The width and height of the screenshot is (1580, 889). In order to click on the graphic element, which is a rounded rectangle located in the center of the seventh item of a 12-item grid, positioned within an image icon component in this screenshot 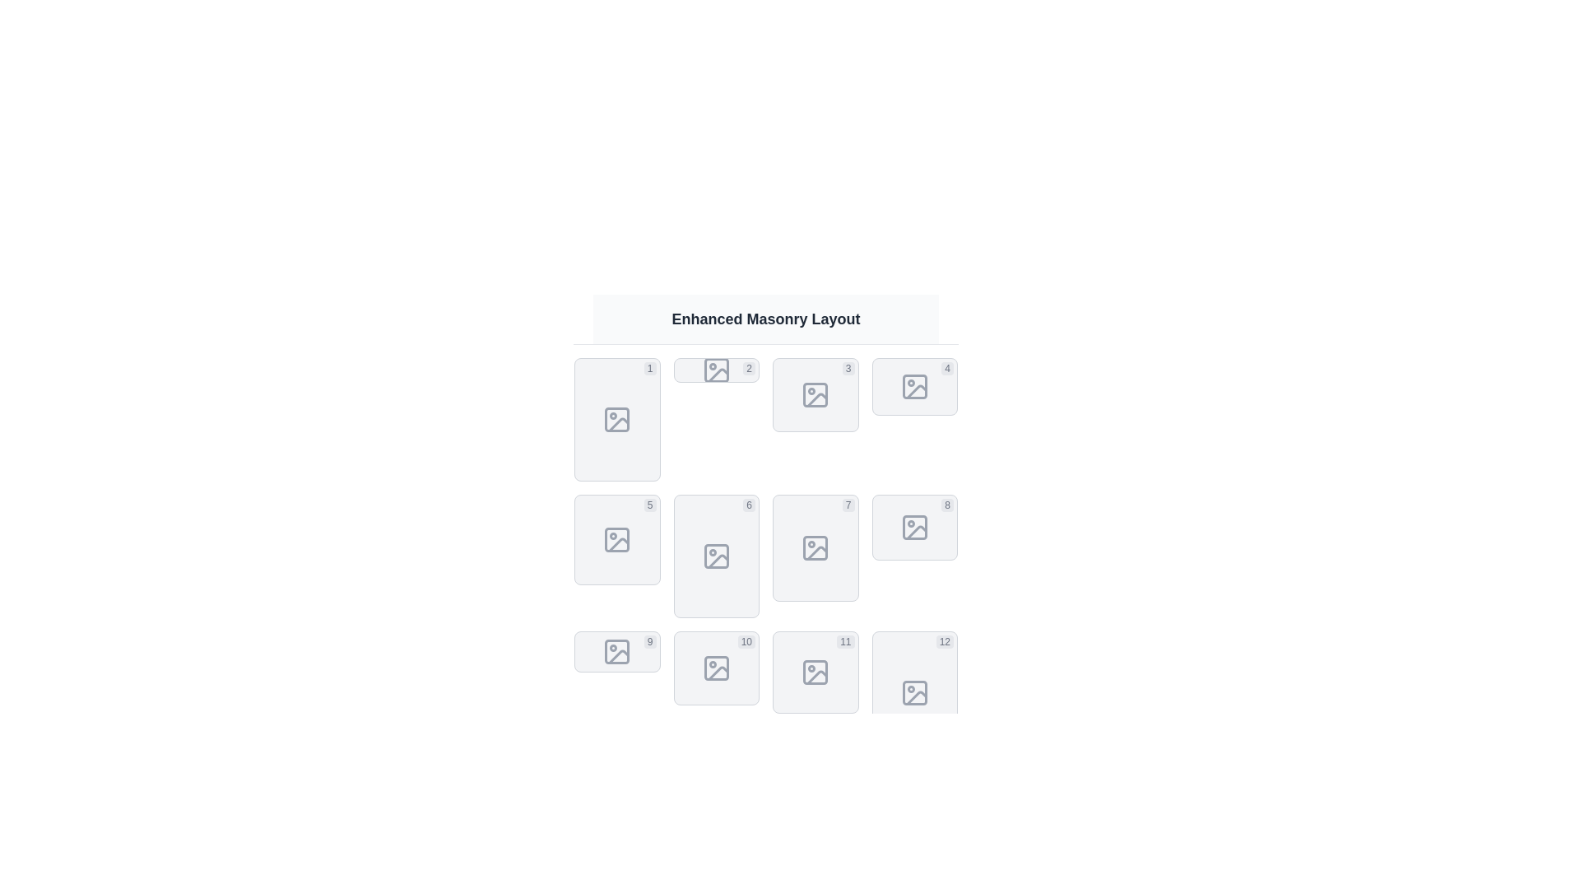, I will do `click(816, 548)`.